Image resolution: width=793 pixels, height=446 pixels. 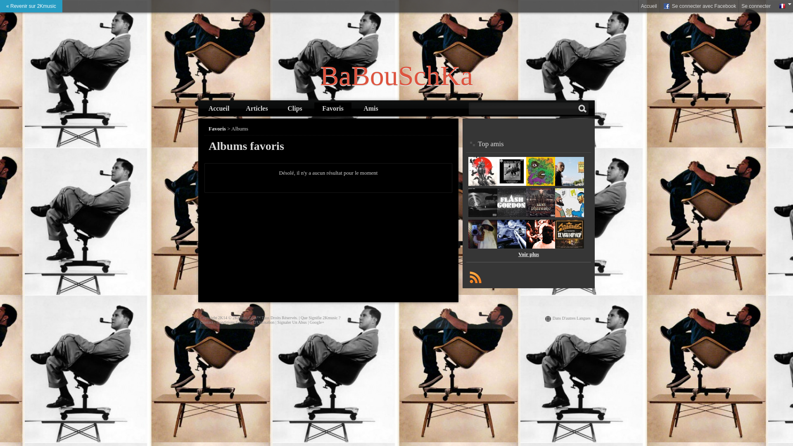 I want to click on ' Se connecter avec Facebook', so click(x=660, y=6).